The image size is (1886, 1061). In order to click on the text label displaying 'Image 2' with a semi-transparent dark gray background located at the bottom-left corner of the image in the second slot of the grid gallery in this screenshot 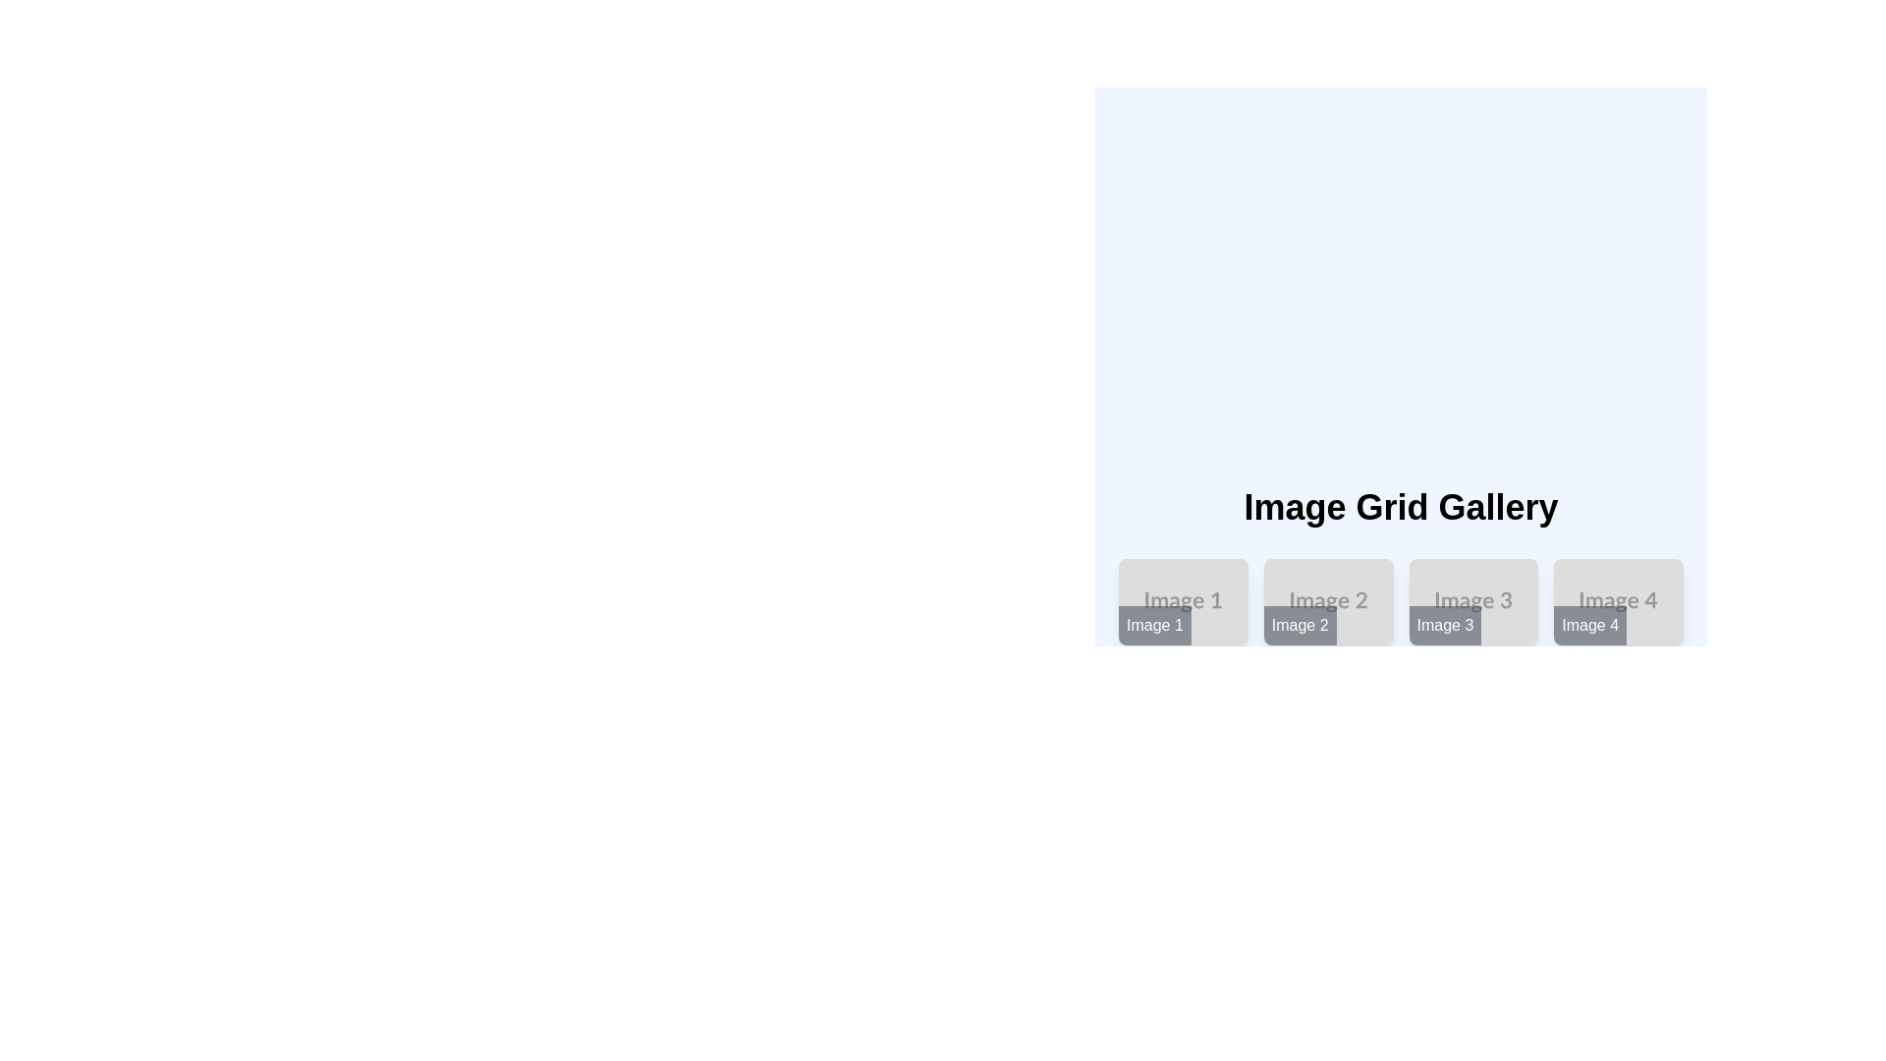, I will do `click(1300, 625)`.